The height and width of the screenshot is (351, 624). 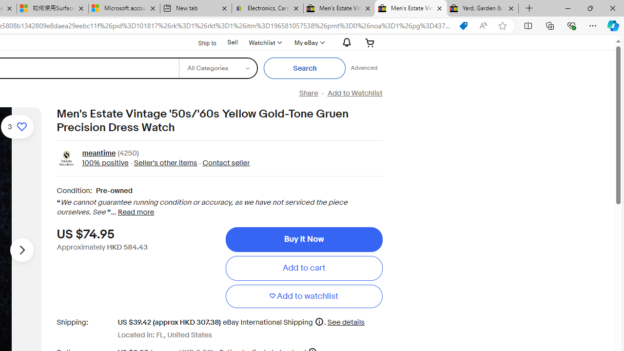 I want to click on 'Ship to', so click(x=200, y=41).